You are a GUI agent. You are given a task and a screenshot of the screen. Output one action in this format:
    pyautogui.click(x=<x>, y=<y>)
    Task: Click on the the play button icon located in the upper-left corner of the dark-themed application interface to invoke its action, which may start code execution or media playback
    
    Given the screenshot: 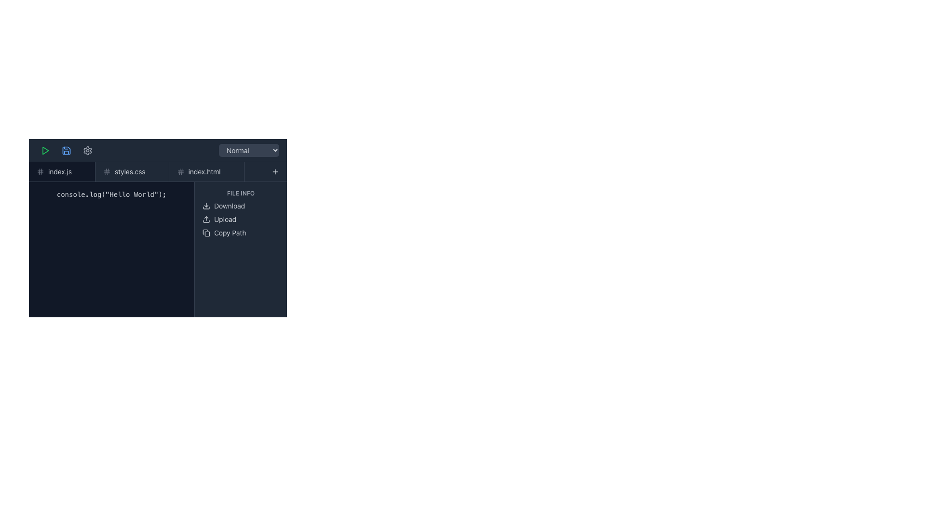 What is the action you would take?
    pyautogui.click(x=45, y=150)
    